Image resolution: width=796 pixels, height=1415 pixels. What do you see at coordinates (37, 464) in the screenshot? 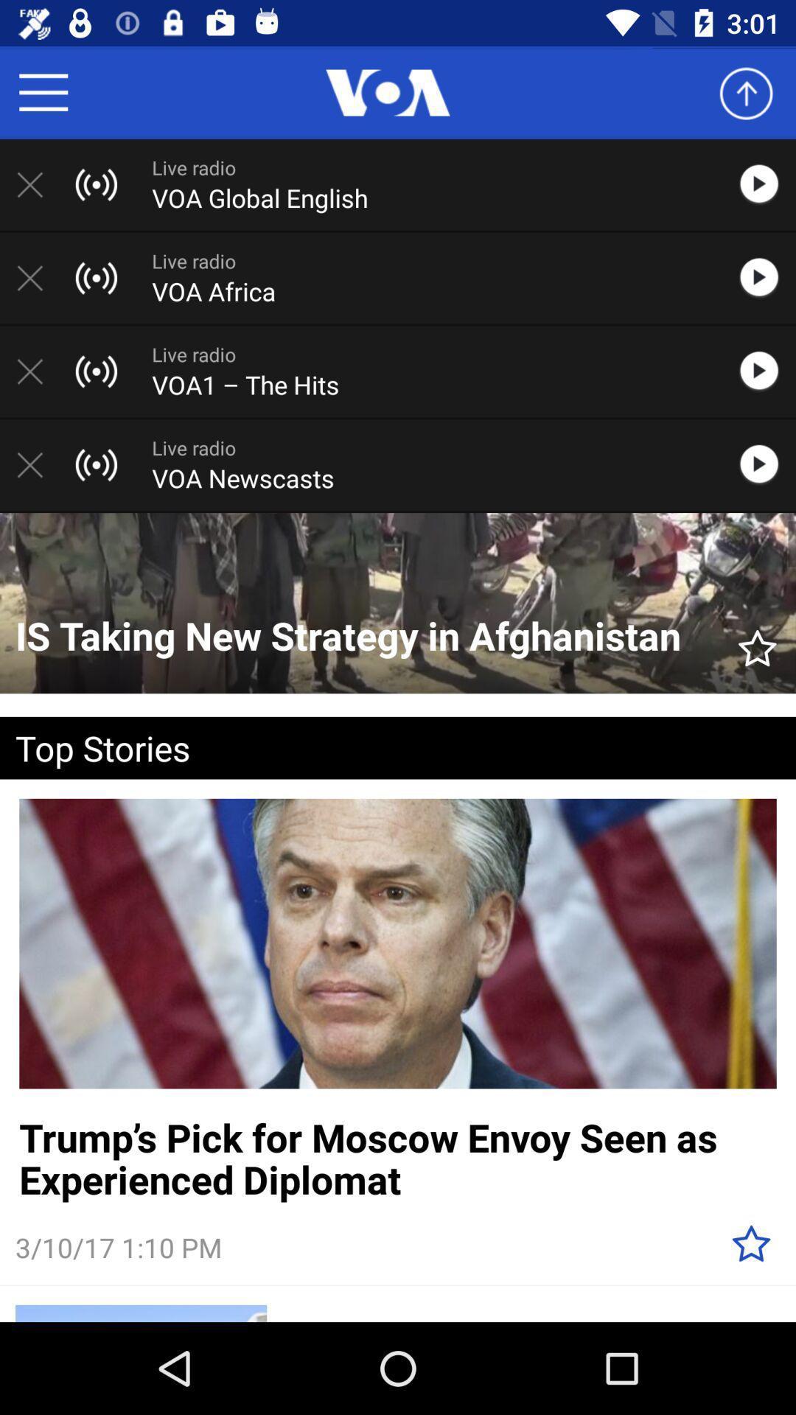
I see `the close icon` at bounding box center [37, 464].